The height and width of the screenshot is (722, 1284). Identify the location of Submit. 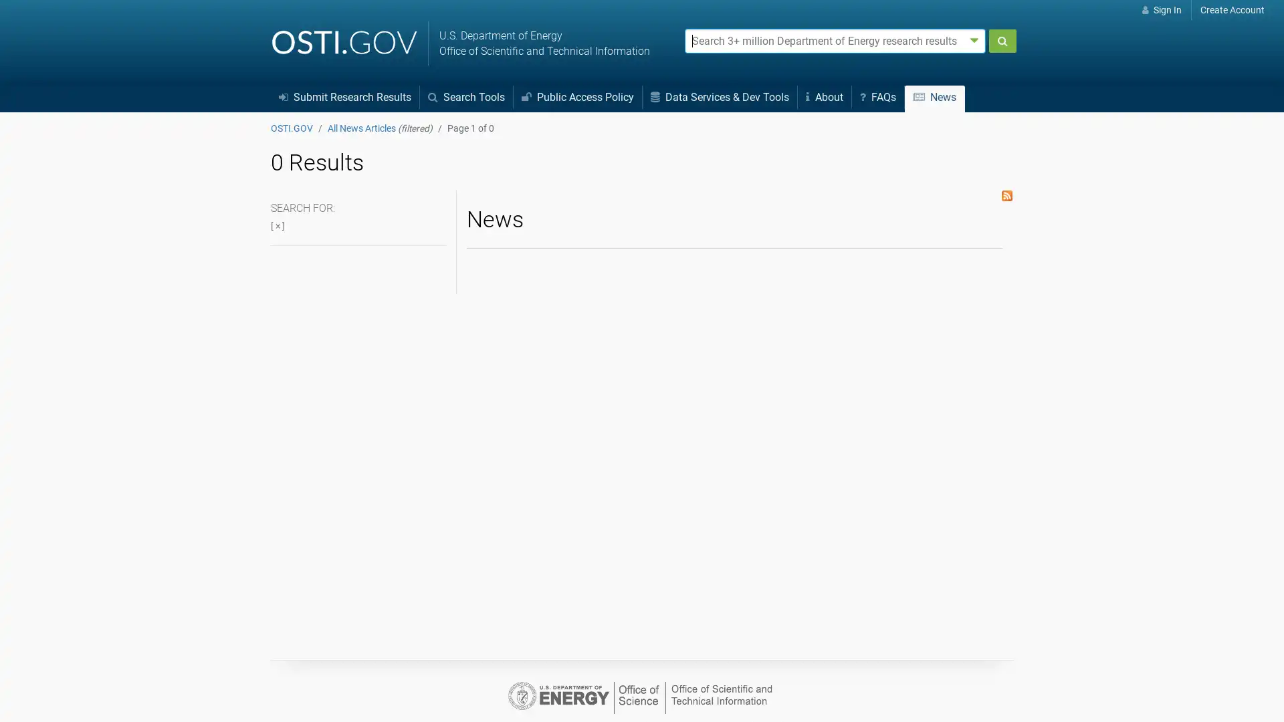
(1002, 40).